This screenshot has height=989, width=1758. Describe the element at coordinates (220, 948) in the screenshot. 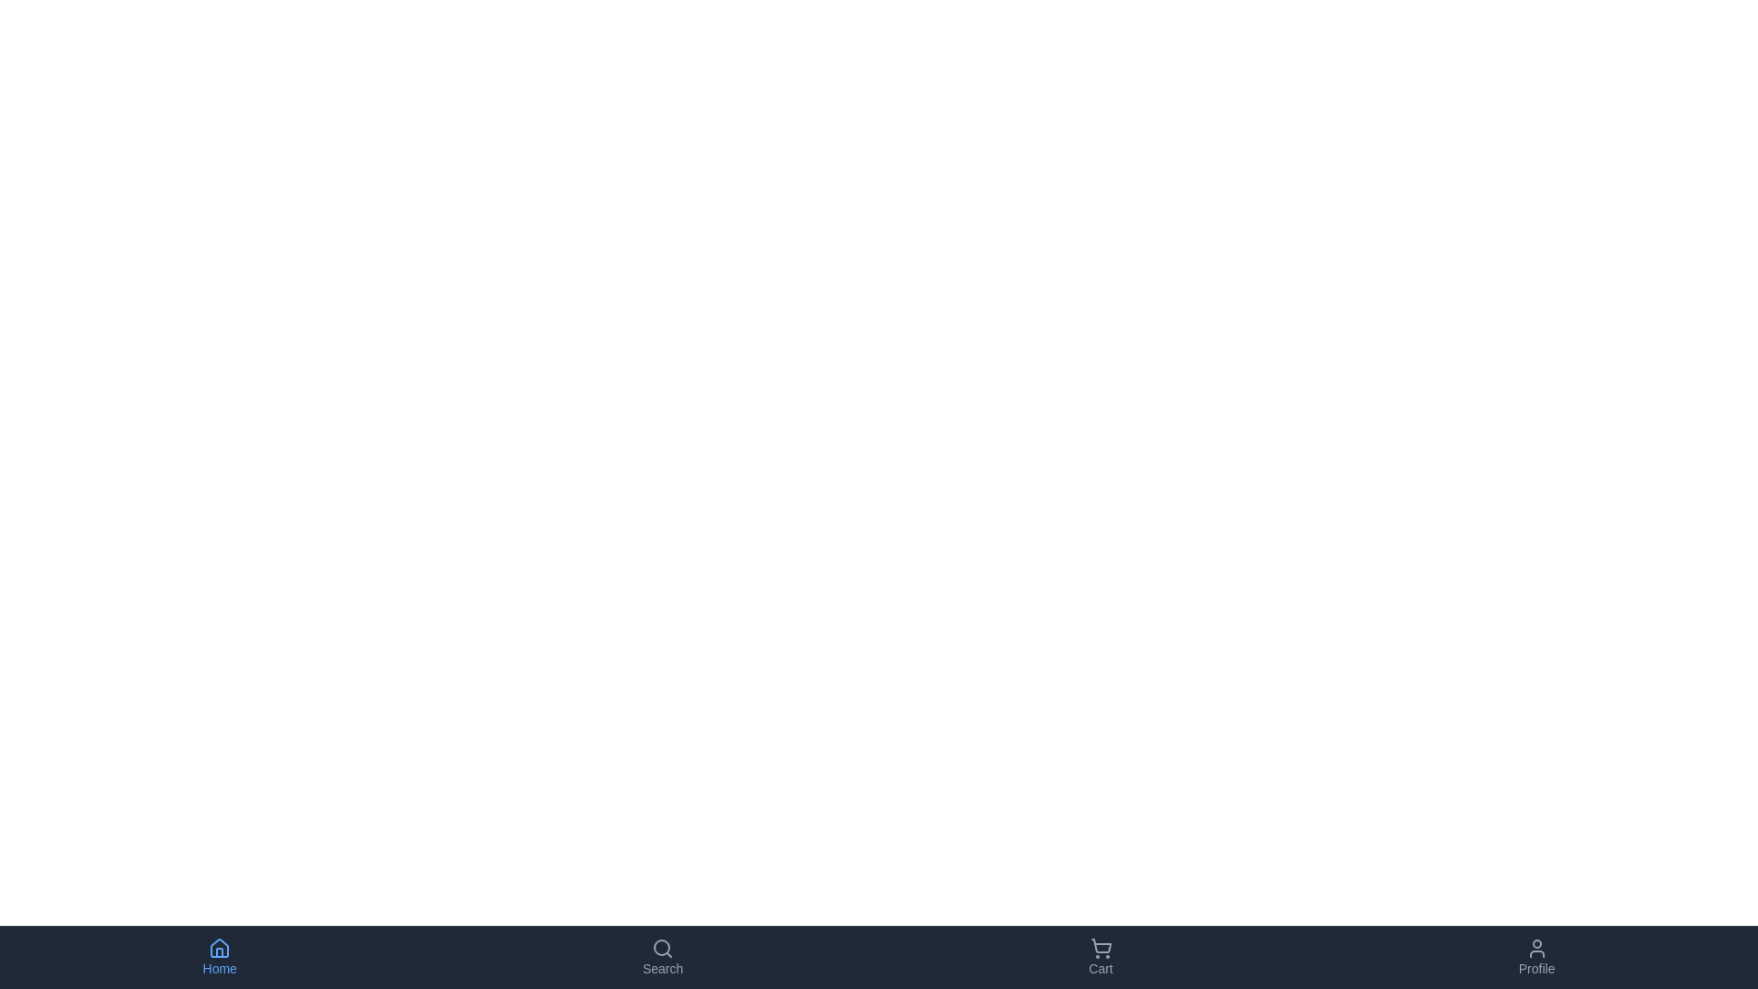

I see `the 'Home' icon located in the bottom navigation bar` at that location.